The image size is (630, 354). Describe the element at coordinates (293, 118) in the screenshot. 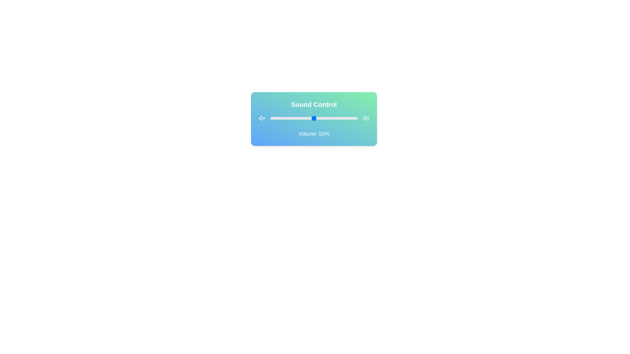

I see `the volume` at that location.